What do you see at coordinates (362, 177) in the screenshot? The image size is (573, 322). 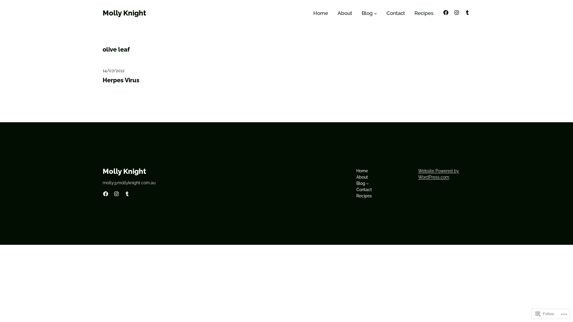 I see `'About'` at bounding box center [362, 177].